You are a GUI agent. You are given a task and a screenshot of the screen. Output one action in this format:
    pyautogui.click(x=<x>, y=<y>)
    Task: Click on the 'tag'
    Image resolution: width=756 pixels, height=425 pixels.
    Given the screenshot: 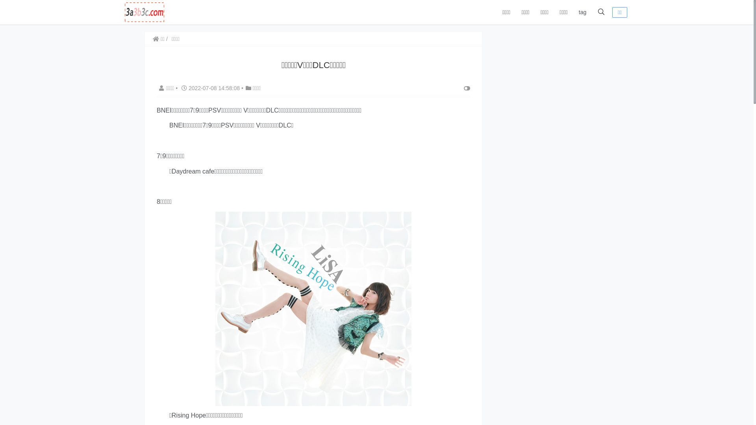 What is the action you would take?
    pyautogui.click(x=582, y=12)
    